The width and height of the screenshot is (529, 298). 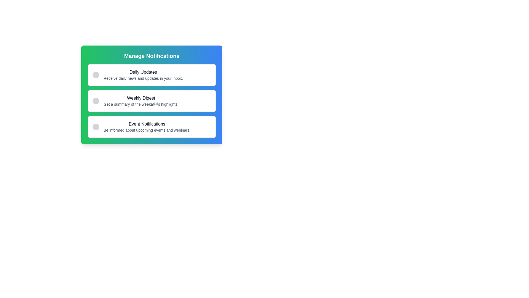 What do you see at coordinates (141, 101) in the screenshot?
I see `the title 'Weekly Digest' and subtitle 'Get a summary of the week’s highlights.' by clicking on the center of the element that contains them` at bounding box center [141, 101].